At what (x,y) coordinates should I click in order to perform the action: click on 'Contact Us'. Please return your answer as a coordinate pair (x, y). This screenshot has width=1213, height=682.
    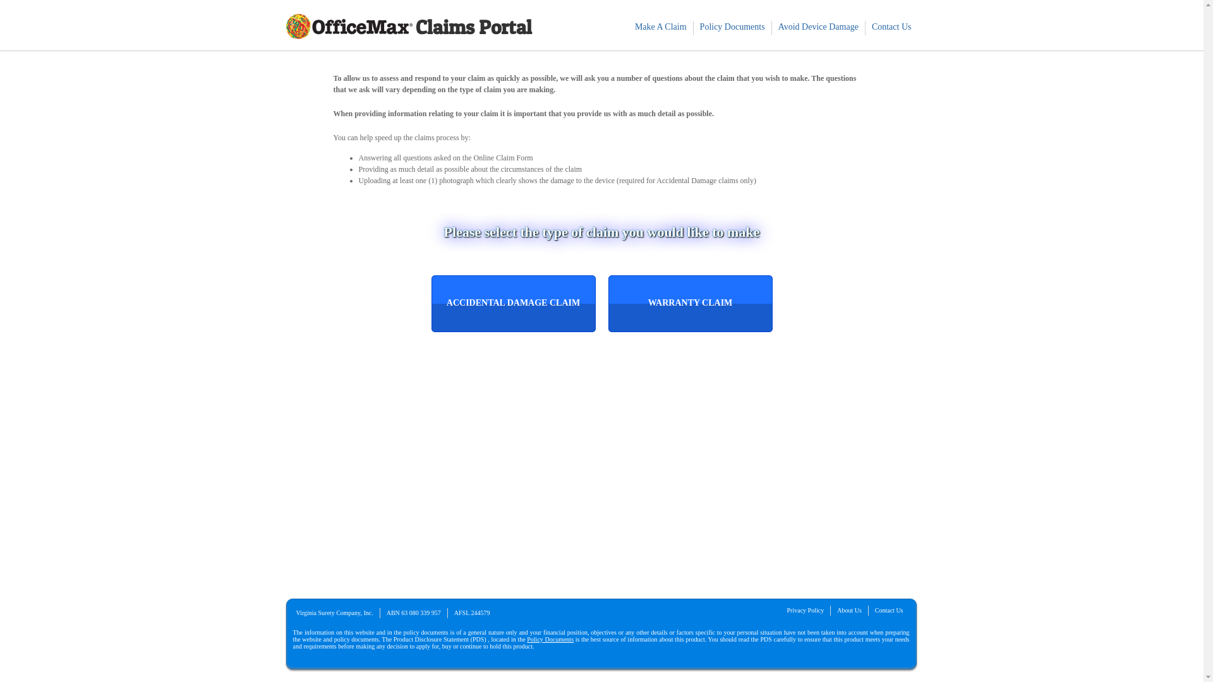
    Looking at the image, I should click on (864, 27).